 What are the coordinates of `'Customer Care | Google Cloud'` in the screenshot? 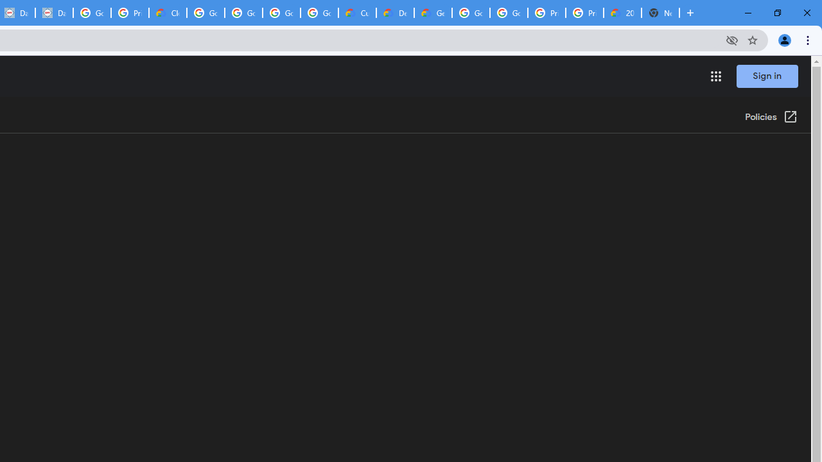 It's located at (357, 13).